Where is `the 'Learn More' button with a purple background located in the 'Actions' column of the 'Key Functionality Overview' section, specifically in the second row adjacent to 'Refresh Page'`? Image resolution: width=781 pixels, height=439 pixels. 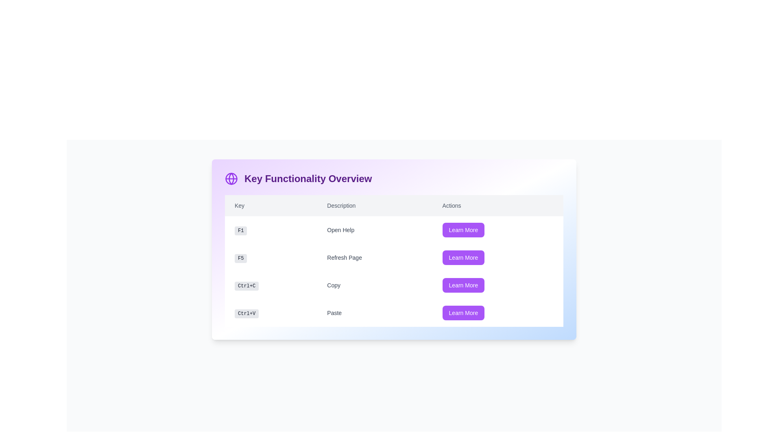
the 'Learn More' button with a purple background located in the 'Actions' column of the 'Key Functionality Overview' section, specifically in the second row adjacent to 'Refresh Page' is located at coordinates (463, 257).